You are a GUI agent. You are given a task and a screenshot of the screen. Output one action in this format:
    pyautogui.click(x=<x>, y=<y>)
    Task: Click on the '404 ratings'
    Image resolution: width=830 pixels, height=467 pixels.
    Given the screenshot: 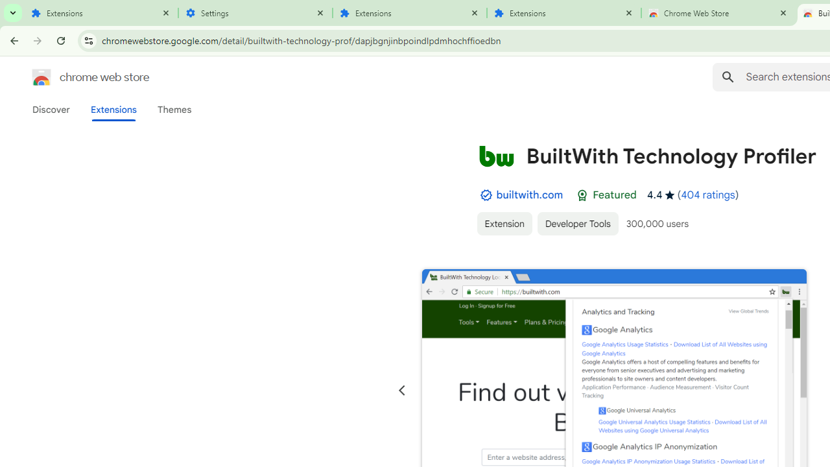 What is the action you would take?
    pyautogui.click(x=707, y=195)
    